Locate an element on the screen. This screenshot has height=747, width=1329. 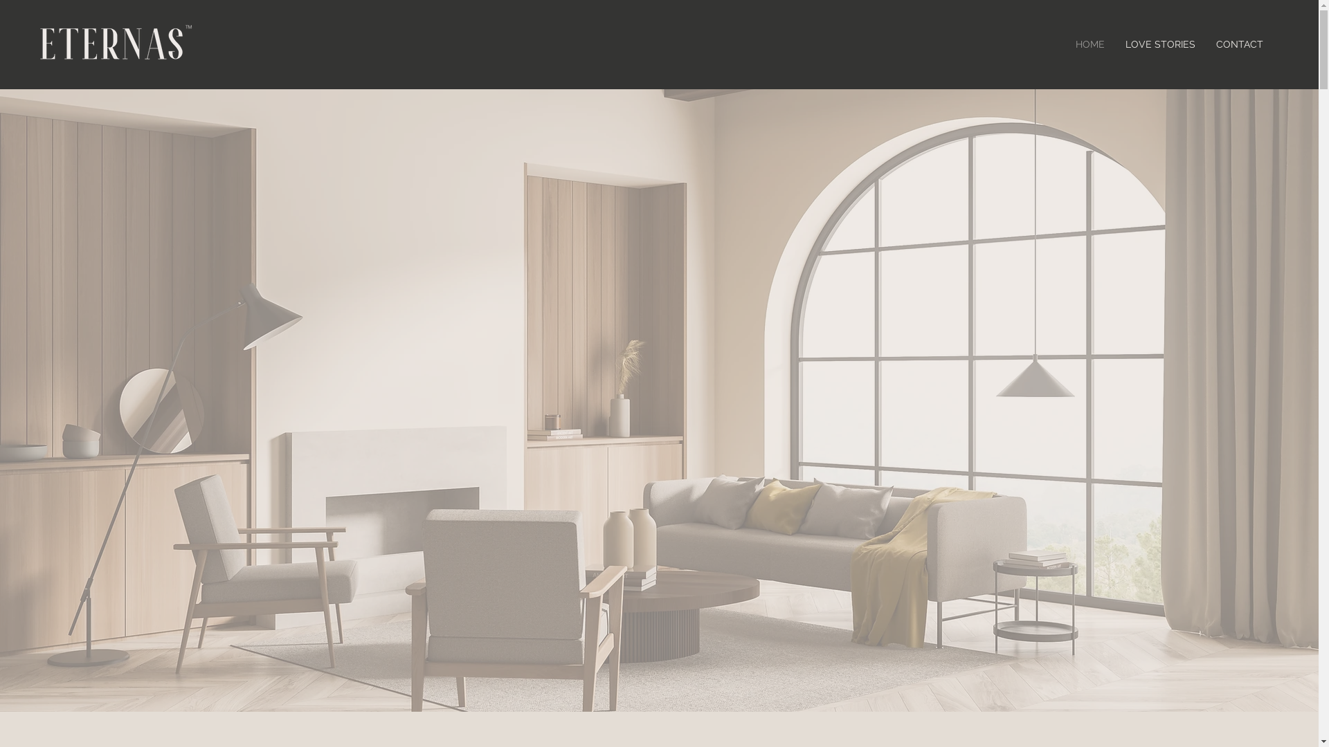
'HOME' is located at coordinates (1065, 44).